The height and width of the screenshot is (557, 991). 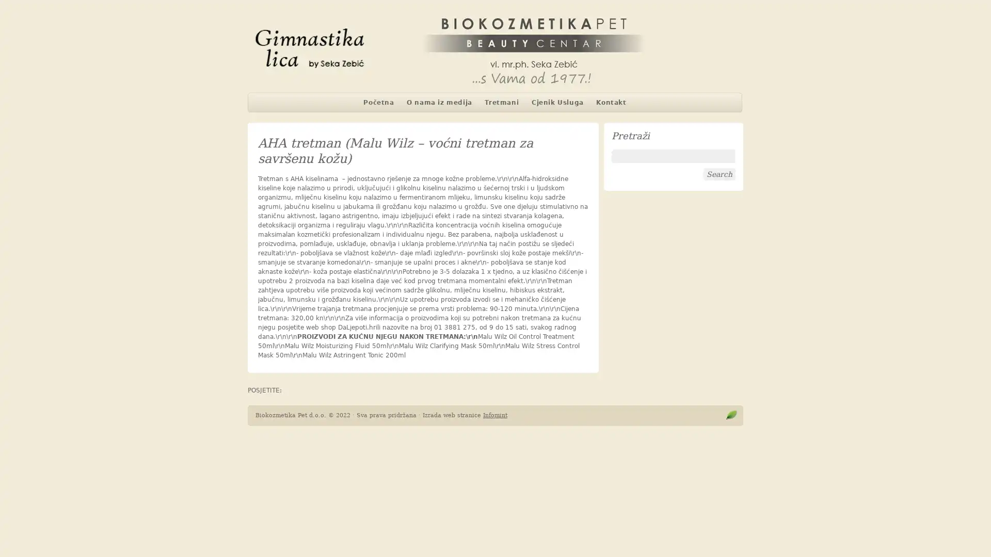 What do you see at coordinates (718, 174) in the screenshot?
I see `Search` at bounding box center [718, 174].